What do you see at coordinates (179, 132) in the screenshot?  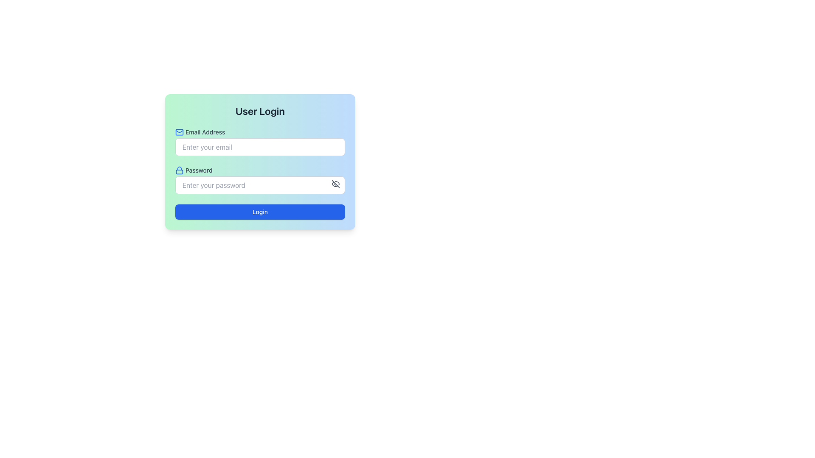 I see `the SVG rectangle element that is part of the envelope icon located to the left of the 'Email Address' input field in the login form` at bounding box center [179, 132].